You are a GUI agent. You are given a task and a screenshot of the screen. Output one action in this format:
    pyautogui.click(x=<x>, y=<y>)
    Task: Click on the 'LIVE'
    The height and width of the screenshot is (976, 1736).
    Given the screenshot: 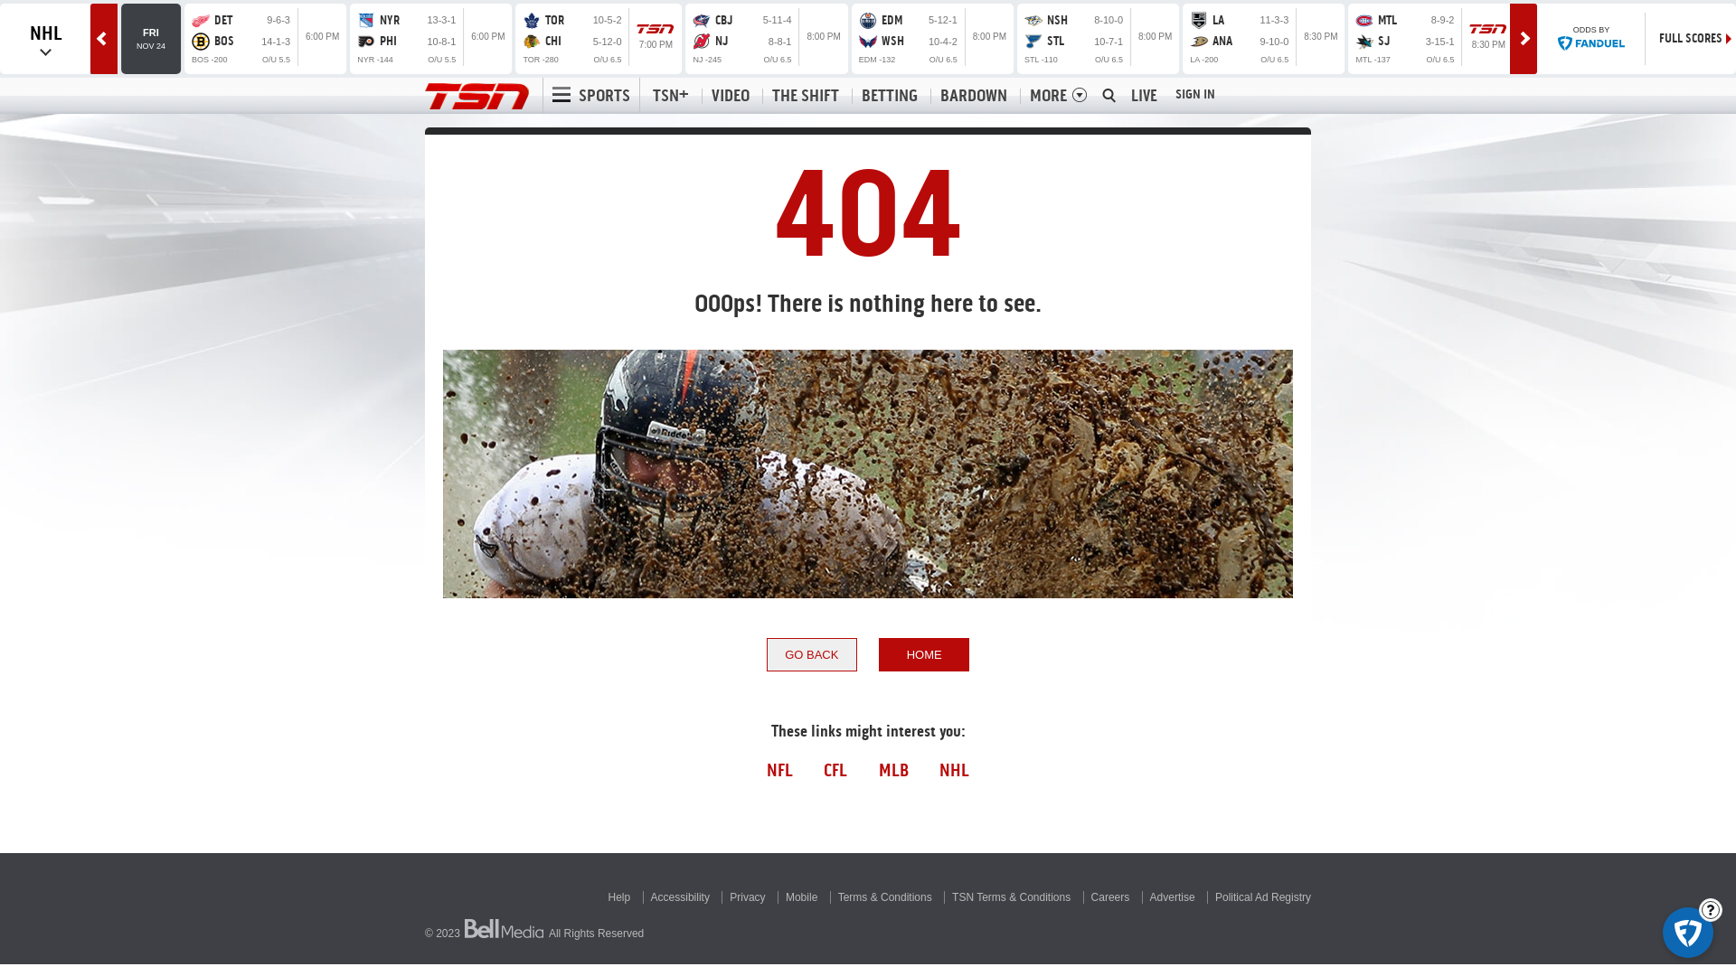 What is the action you would take?
    pyautogui.click(x=1143, y=95)
    